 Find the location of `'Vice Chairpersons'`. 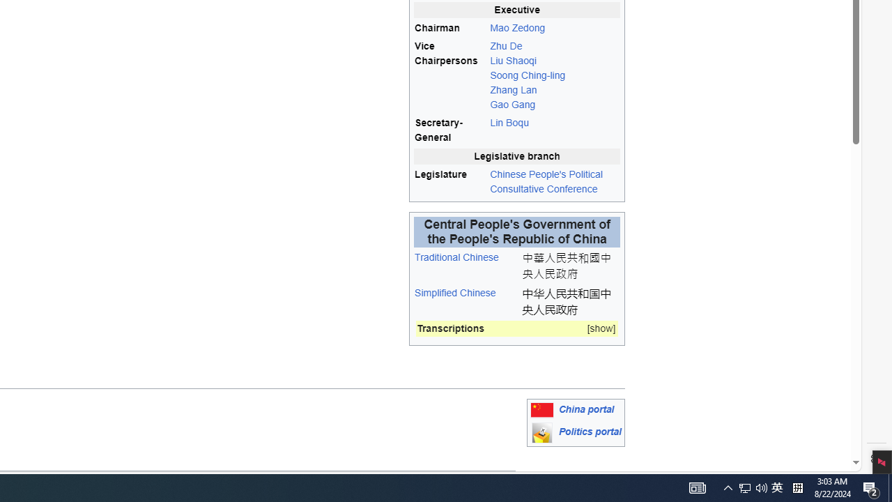

'Vice Chairpersons' is located at coordinates (451, 75).